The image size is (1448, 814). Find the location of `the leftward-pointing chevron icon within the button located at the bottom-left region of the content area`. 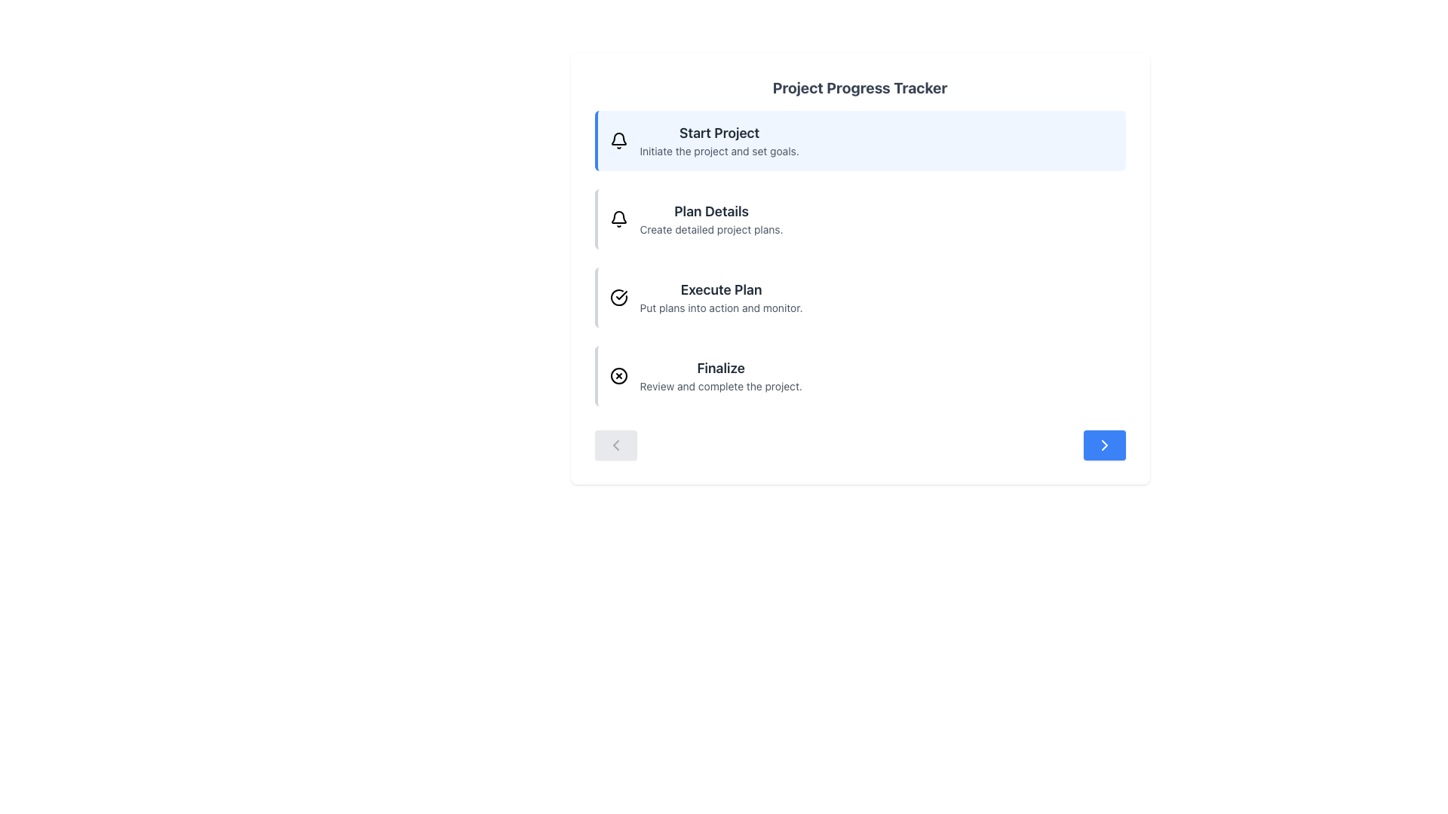

the leftward-pointing chevron icon within the button located at the bottom-left region of the content area is located at coordinates (615, 444).